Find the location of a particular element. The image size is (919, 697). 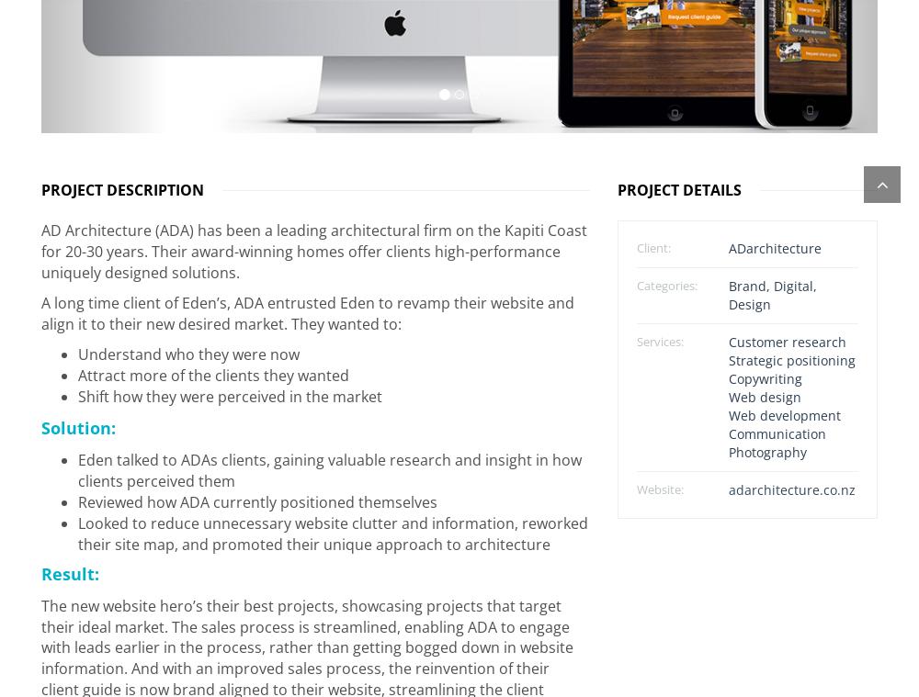

'A long time client of Eden’s, ADA entrusted Eden to revamp their website and align it to their new desired market. They wanted to:' is located at coordinates (307, 305).